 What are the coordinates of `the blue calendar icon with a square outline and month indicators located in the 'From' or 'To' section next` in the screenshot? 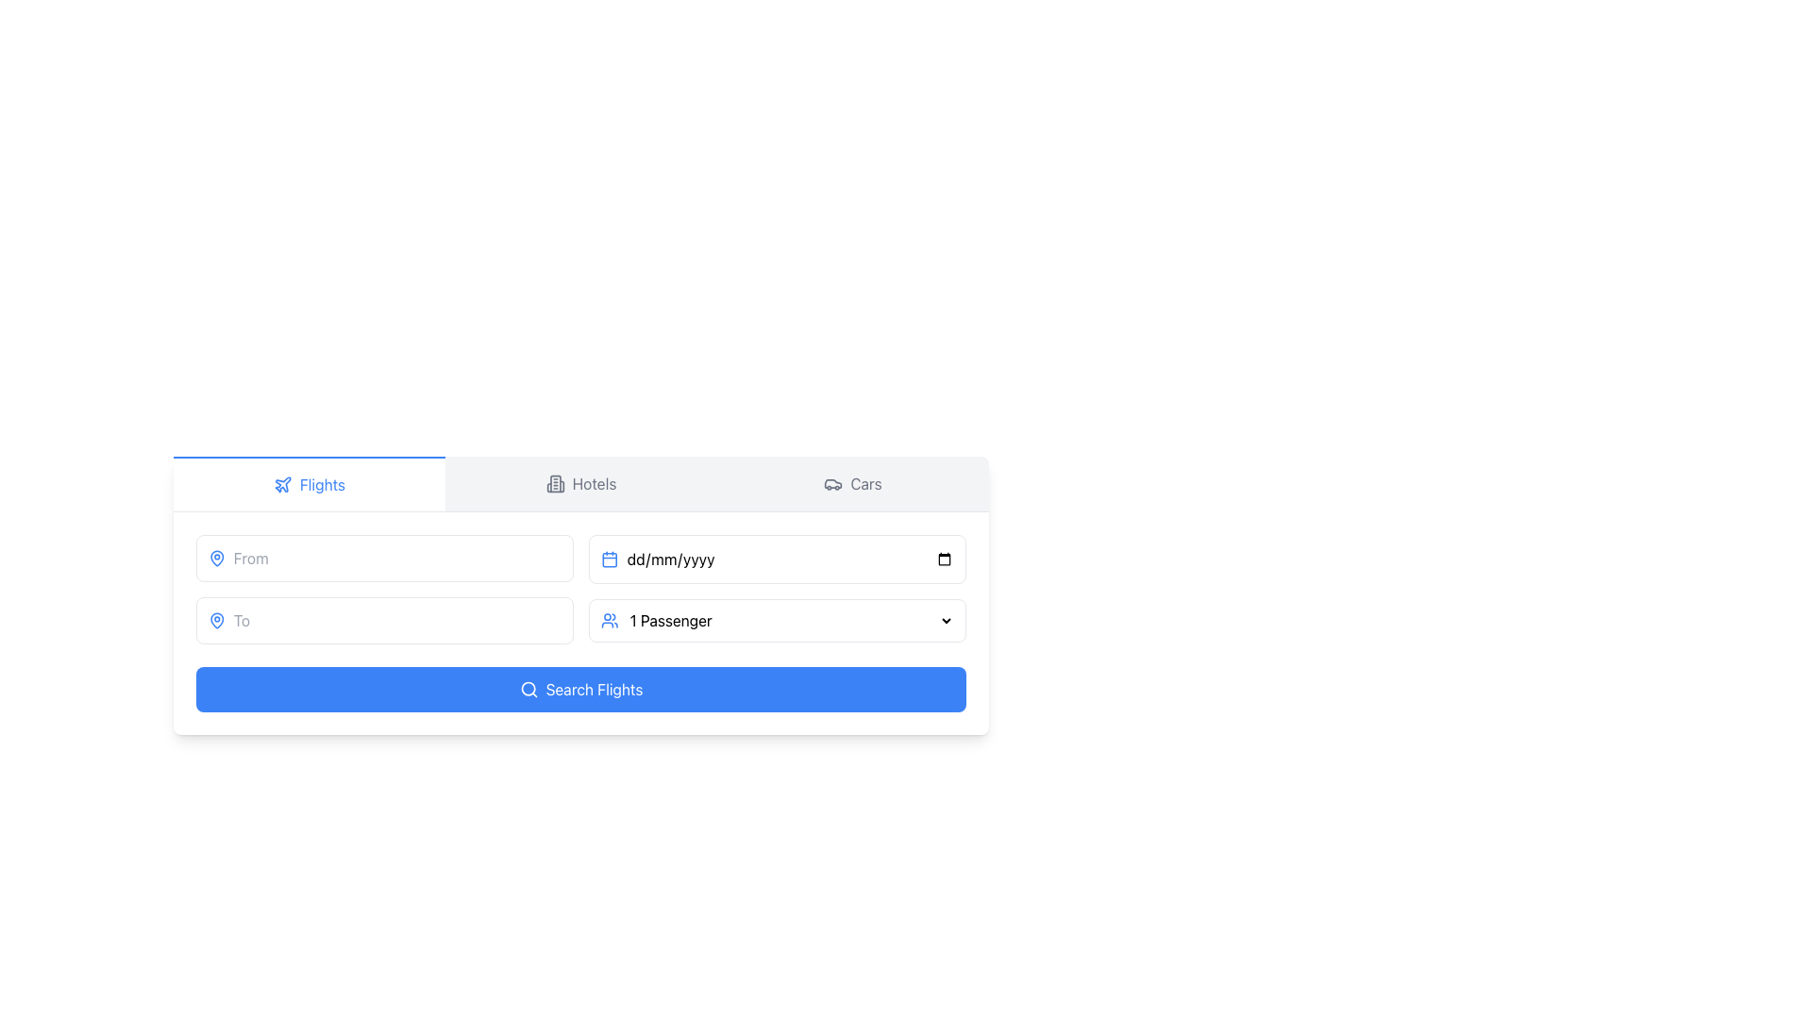 It's located at (610, 559).